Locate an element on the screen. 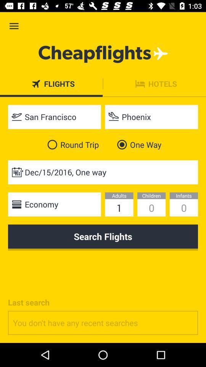 The height and width of the screenshot is (367, 206). item above the dec 15 2016 item is located at coordinates (71, 144).